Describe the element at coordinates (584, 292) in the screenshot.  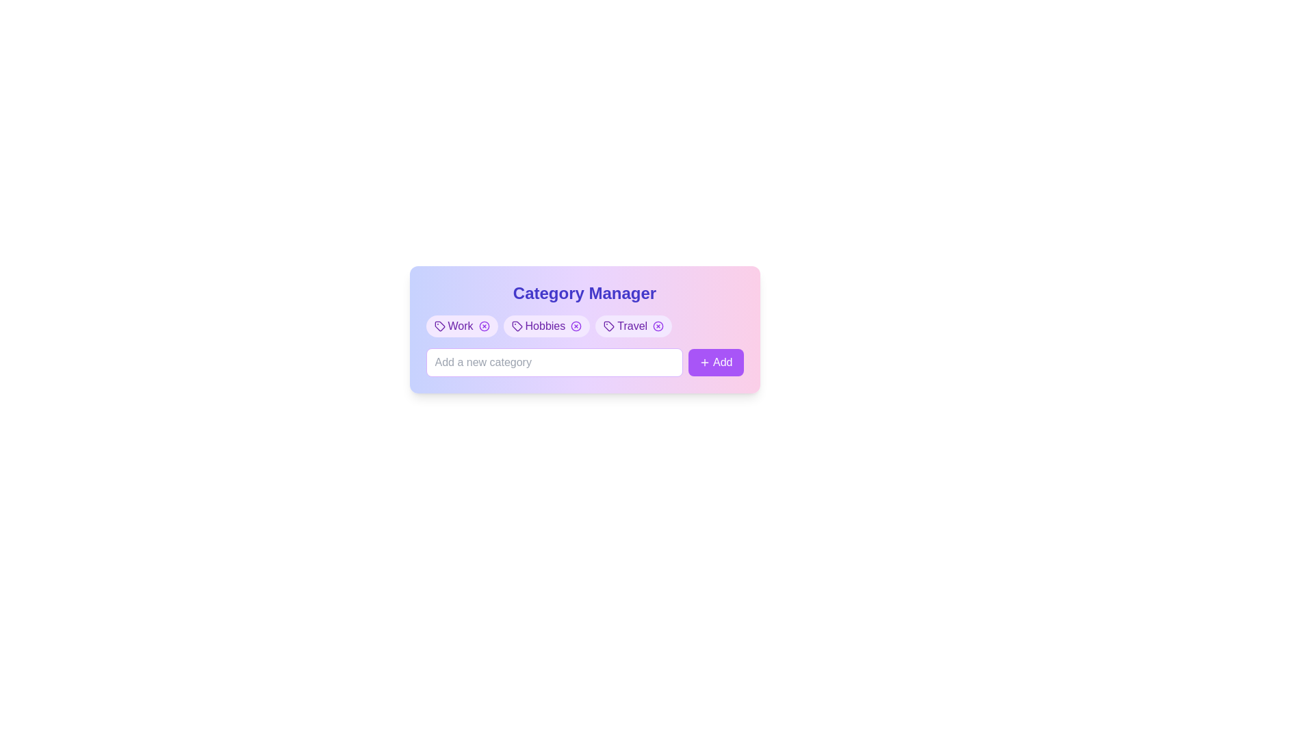
I see `the top-most Text Label that serves as a section heading for managing categories, located in a rounded rectangular area above the tag-like elements labeled 'Work', 'Hobbies', and 'Travel'` at that location.